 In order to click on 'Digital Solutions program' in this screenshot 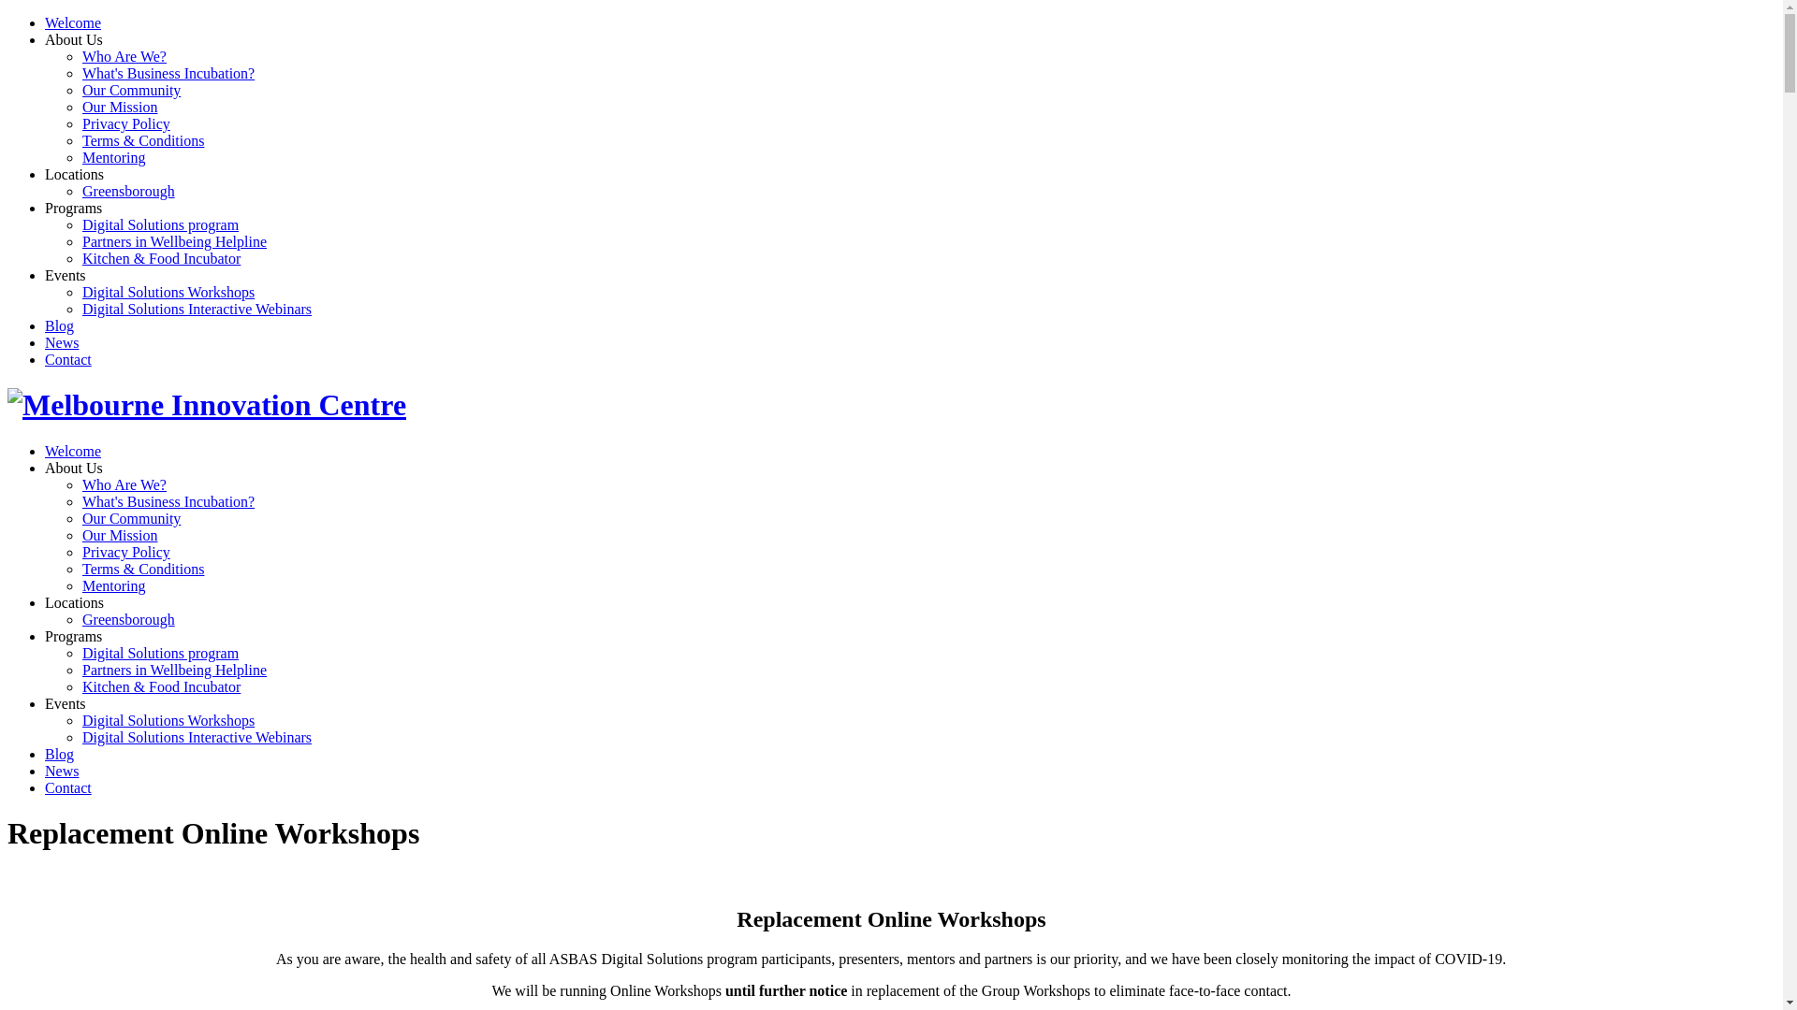, I will do `click(160, 224)`.